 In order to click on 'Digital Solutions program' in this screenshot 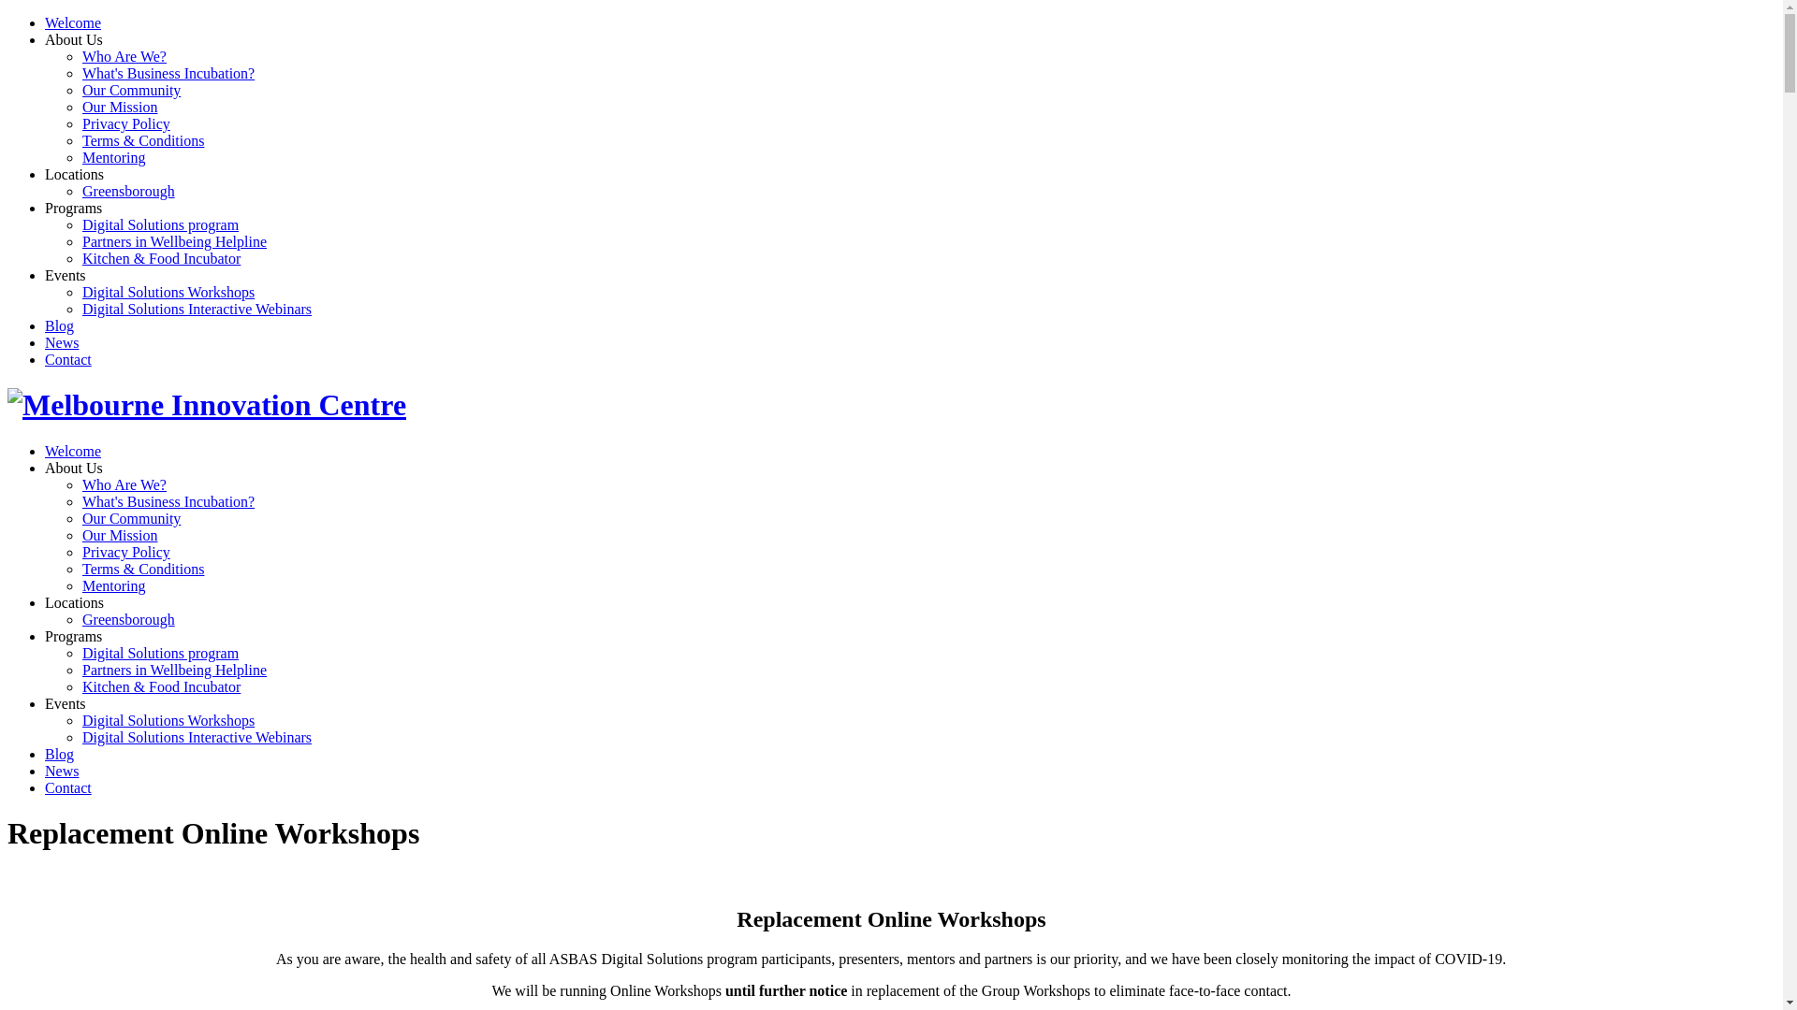, I will do `click(160, 224)`.